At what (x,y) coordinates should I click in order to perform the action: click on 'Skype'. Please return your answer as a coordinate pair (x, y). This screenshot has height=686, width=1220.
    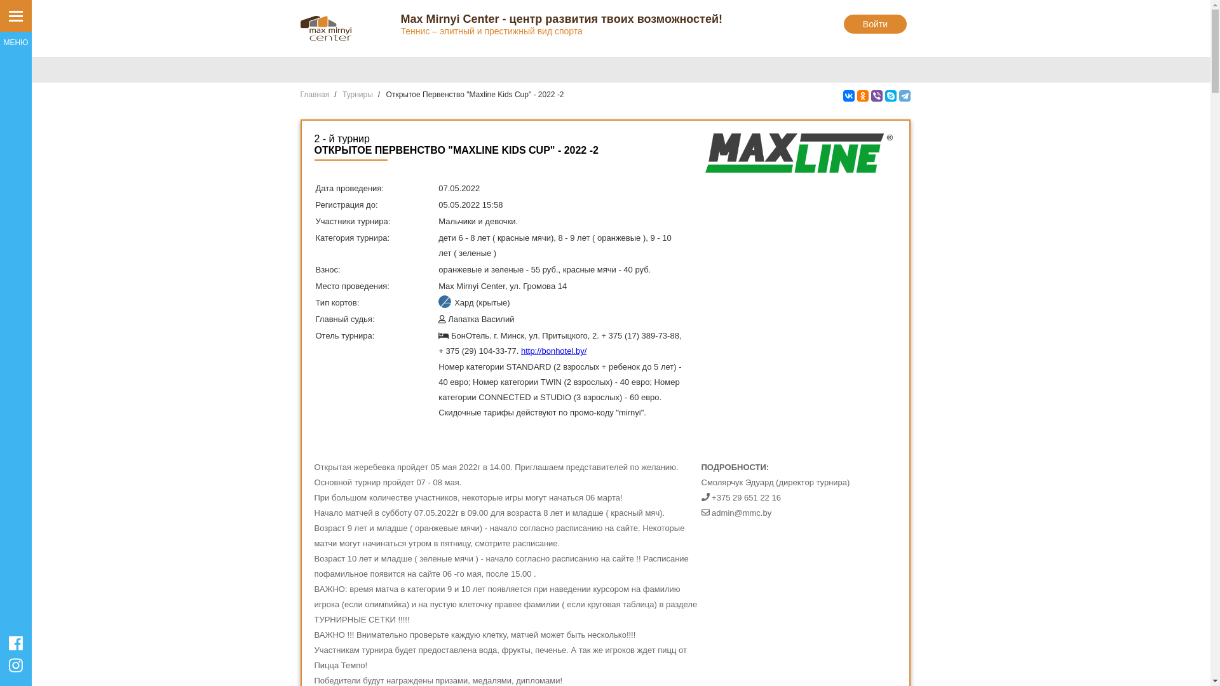
    Looking at the image, I should click on (890, 95).